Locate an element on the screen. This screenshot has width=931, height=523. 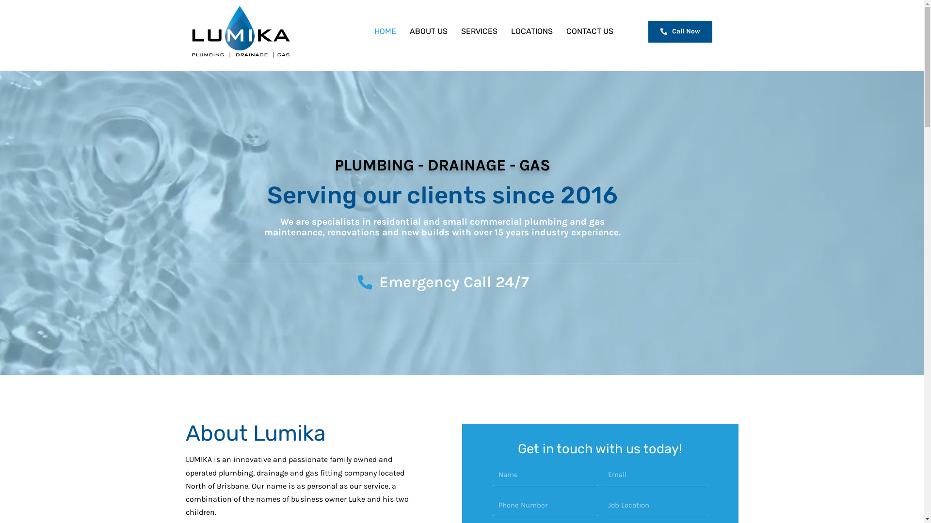
'LOCATIONS' is located at coordinates (531, 31).